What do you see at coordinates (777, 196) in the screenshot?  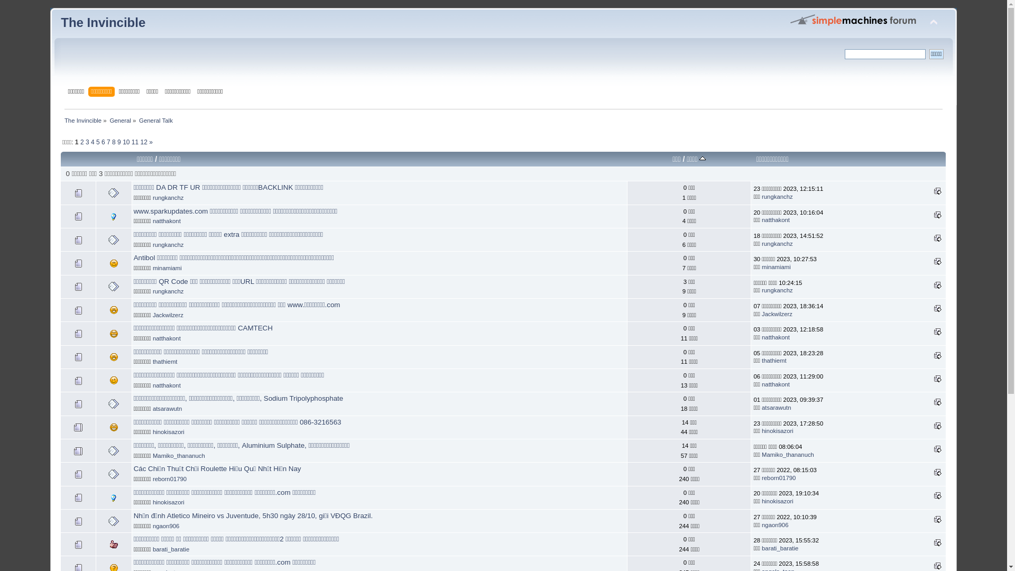 I see `'rungkanchz'` at bounding box center [777, 196].